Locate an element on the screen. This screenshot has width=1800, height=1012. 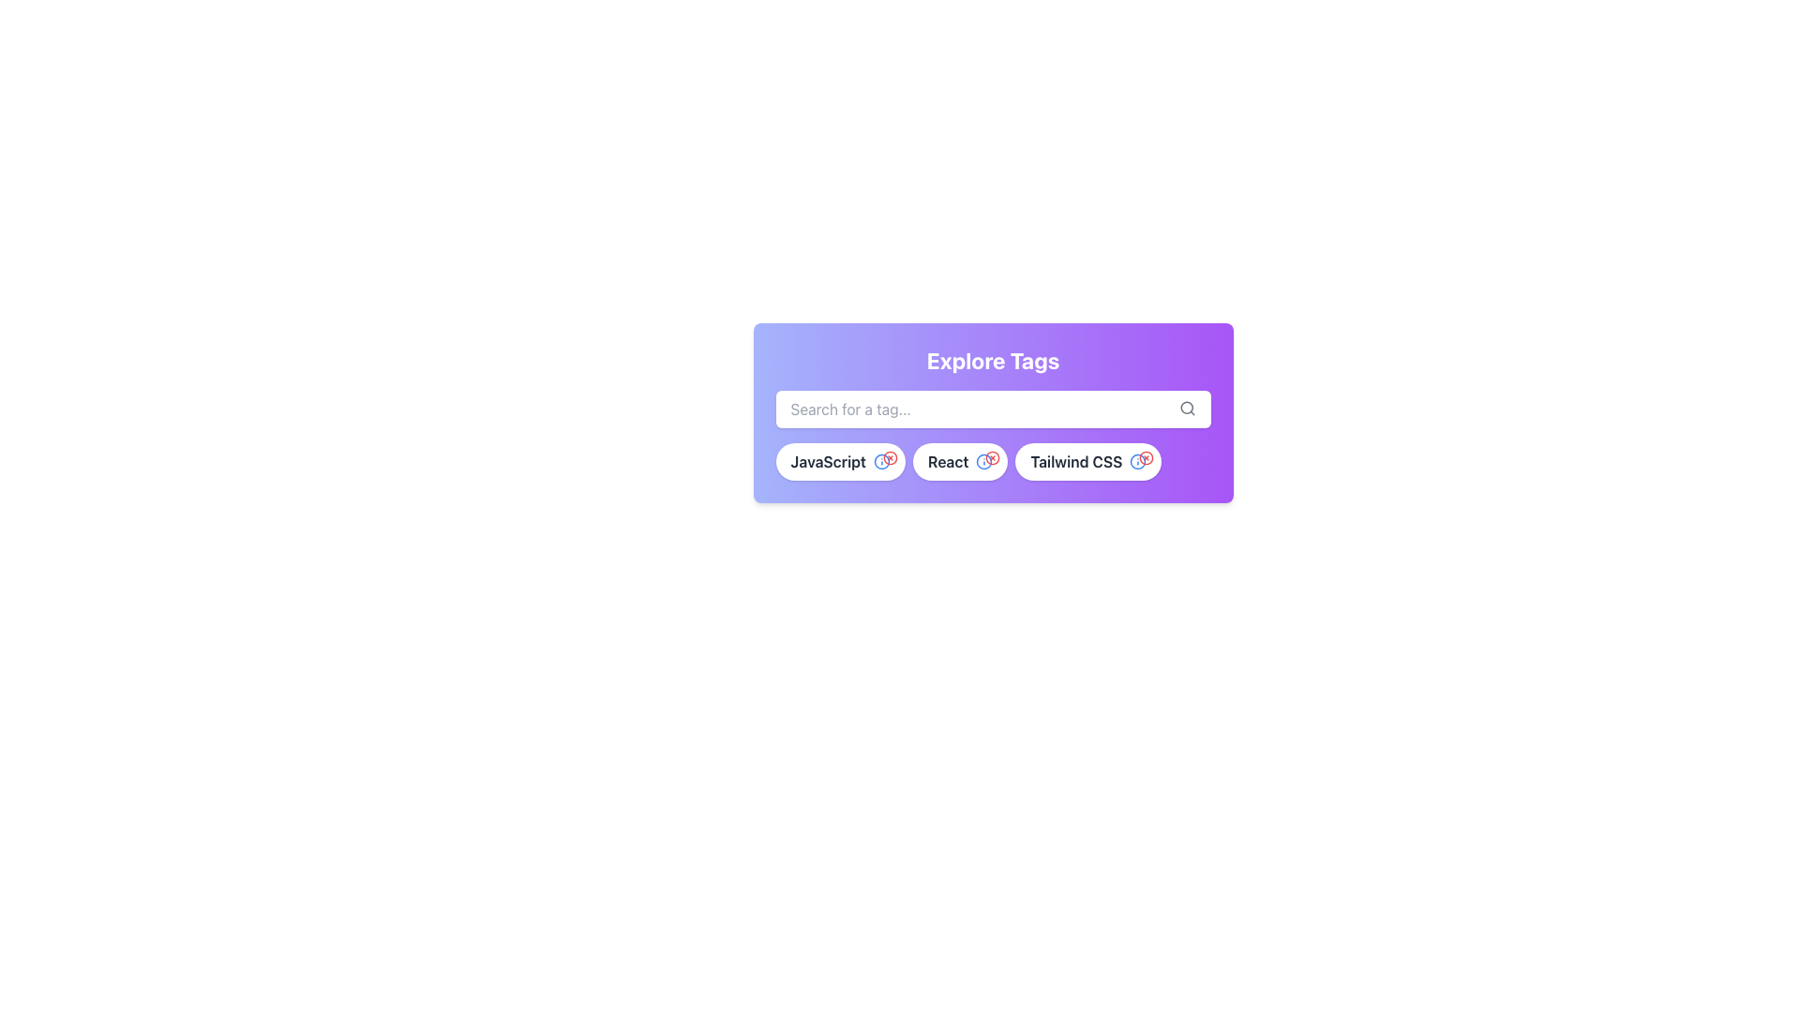
the circular vector graphic search icon element, which is gray in color and located to the right of the search input field is located at coordinates (1185, 407).